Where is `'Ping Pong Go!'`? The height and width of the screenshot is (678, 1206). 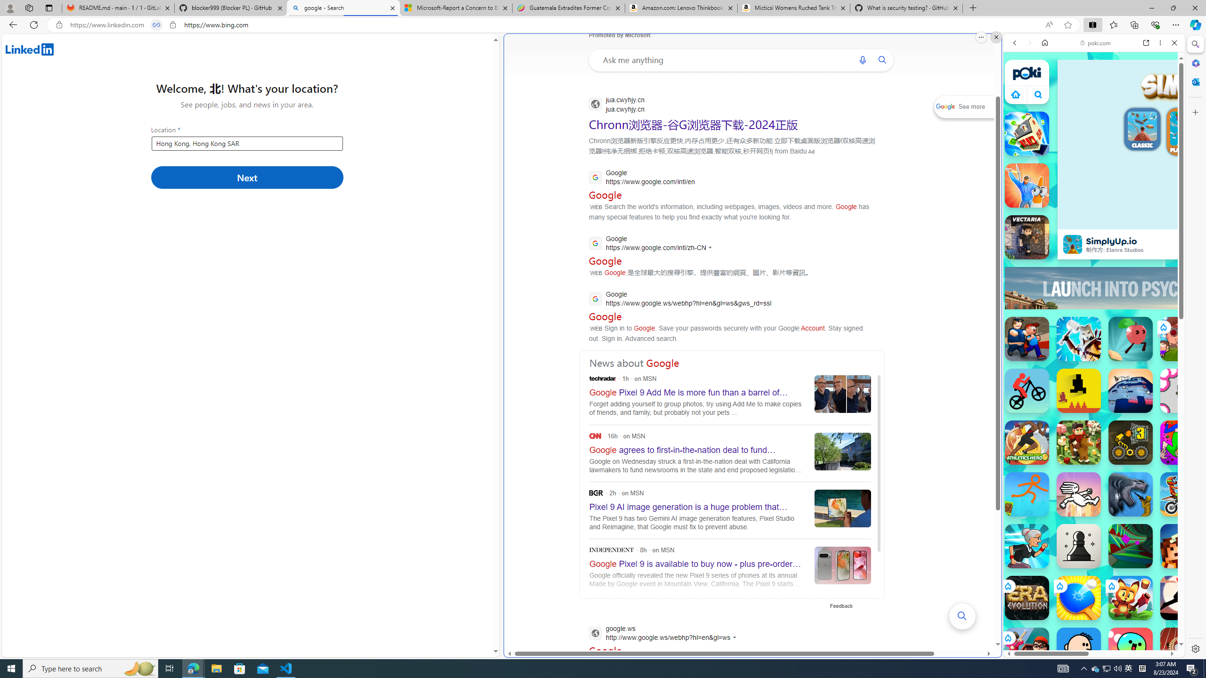
'Ping Pong Go!' is located at coordinates (1078, 597).